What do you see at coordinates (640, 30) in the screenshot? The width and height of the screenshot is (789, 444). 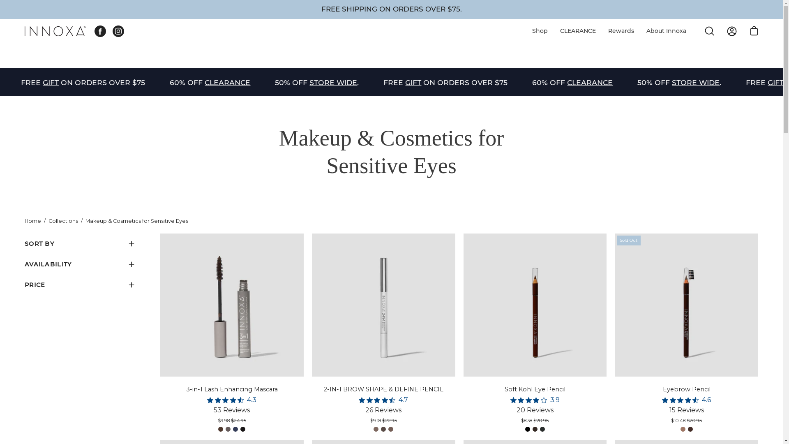 I see `'About Innoxa'` at bounding box center [640, 30].